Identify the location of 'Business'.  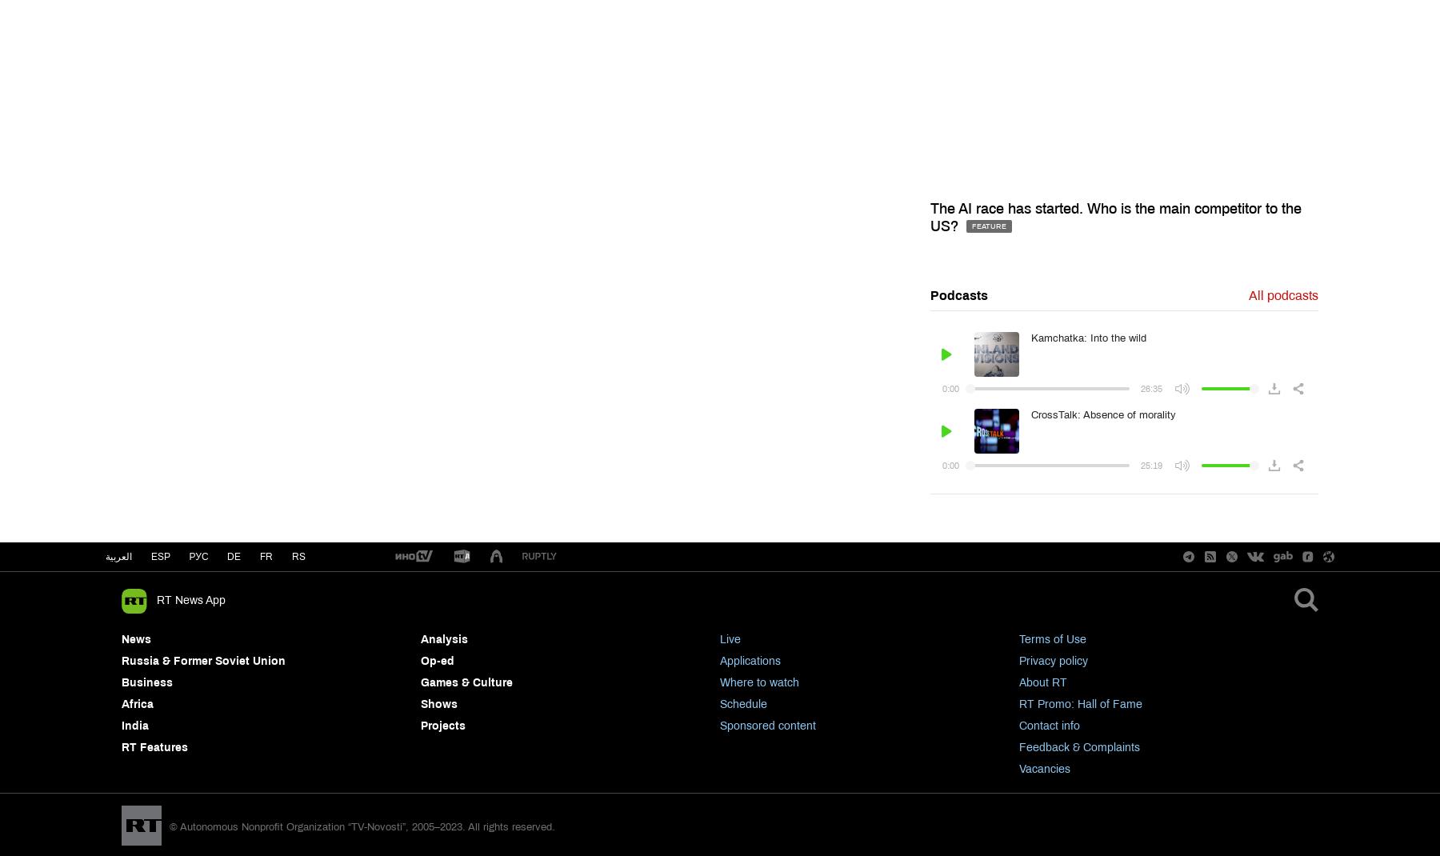
(146, 682).